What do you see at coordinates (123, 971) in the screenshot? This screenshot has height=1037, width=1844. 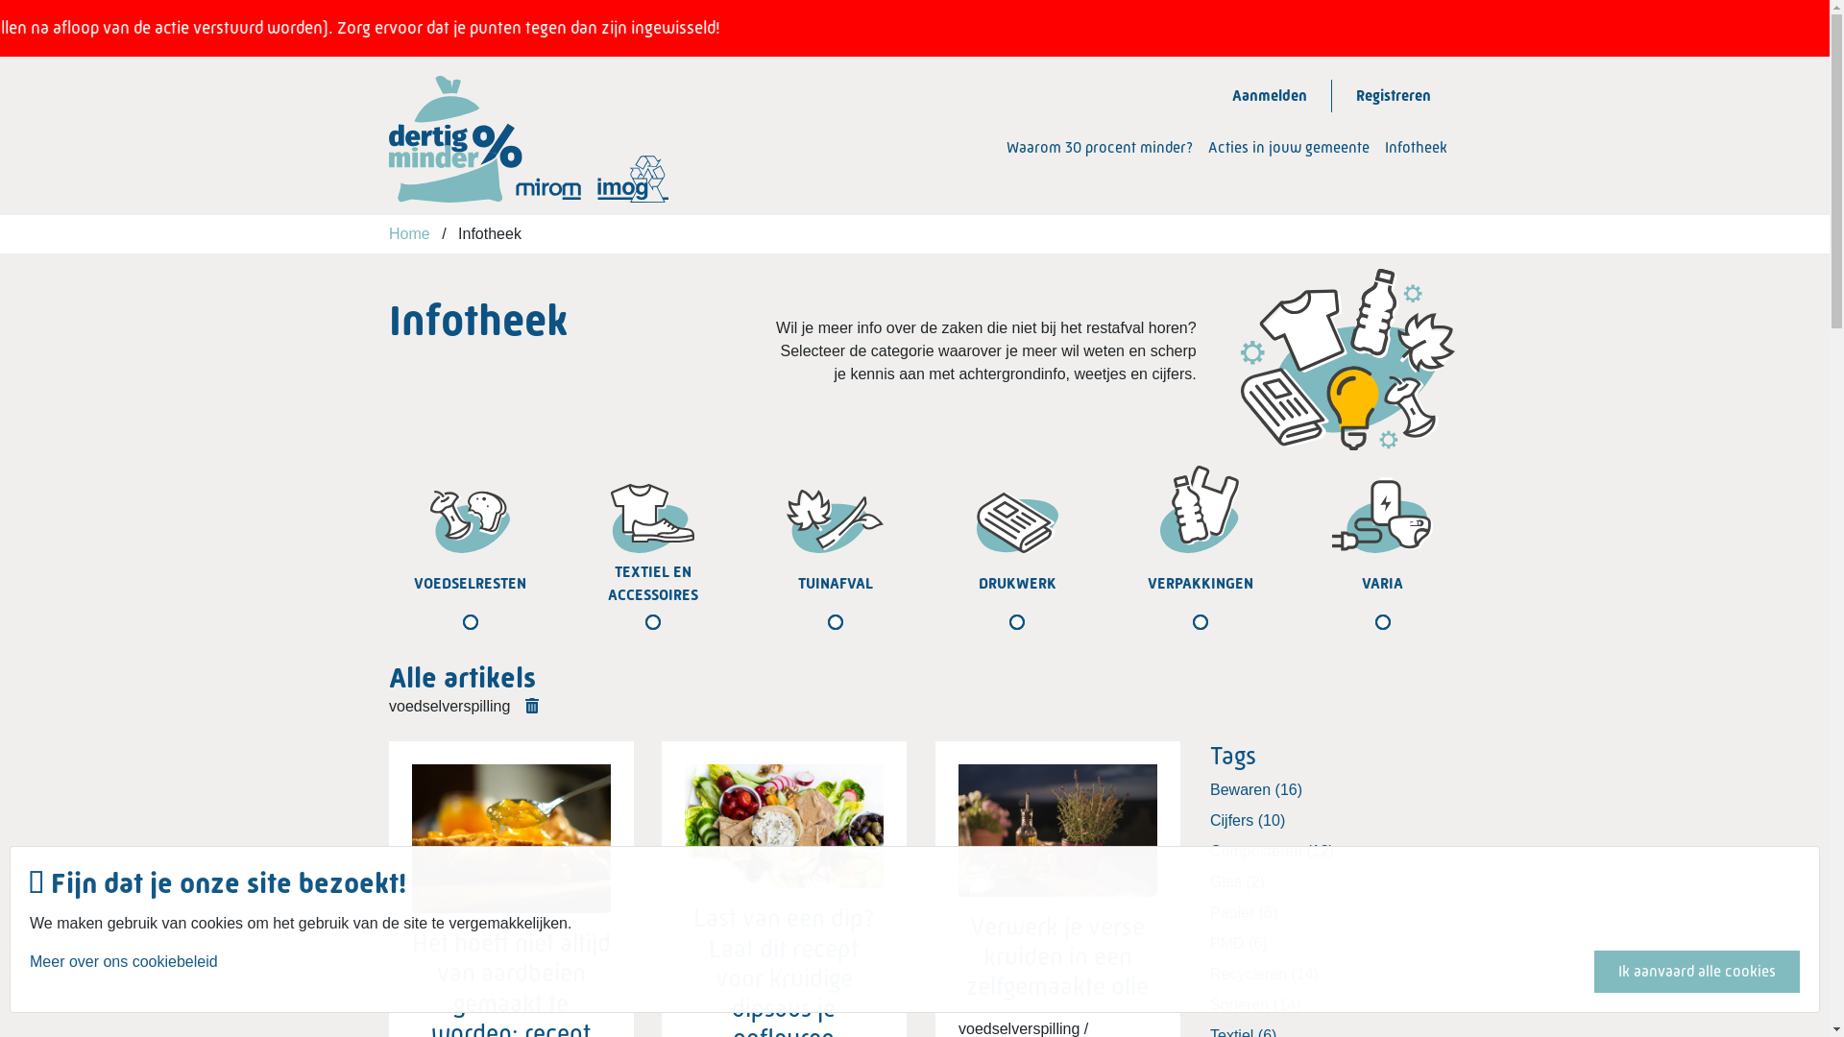 I see `'Meer over ons cookiebeleid'` at bounding box center [123, 971].